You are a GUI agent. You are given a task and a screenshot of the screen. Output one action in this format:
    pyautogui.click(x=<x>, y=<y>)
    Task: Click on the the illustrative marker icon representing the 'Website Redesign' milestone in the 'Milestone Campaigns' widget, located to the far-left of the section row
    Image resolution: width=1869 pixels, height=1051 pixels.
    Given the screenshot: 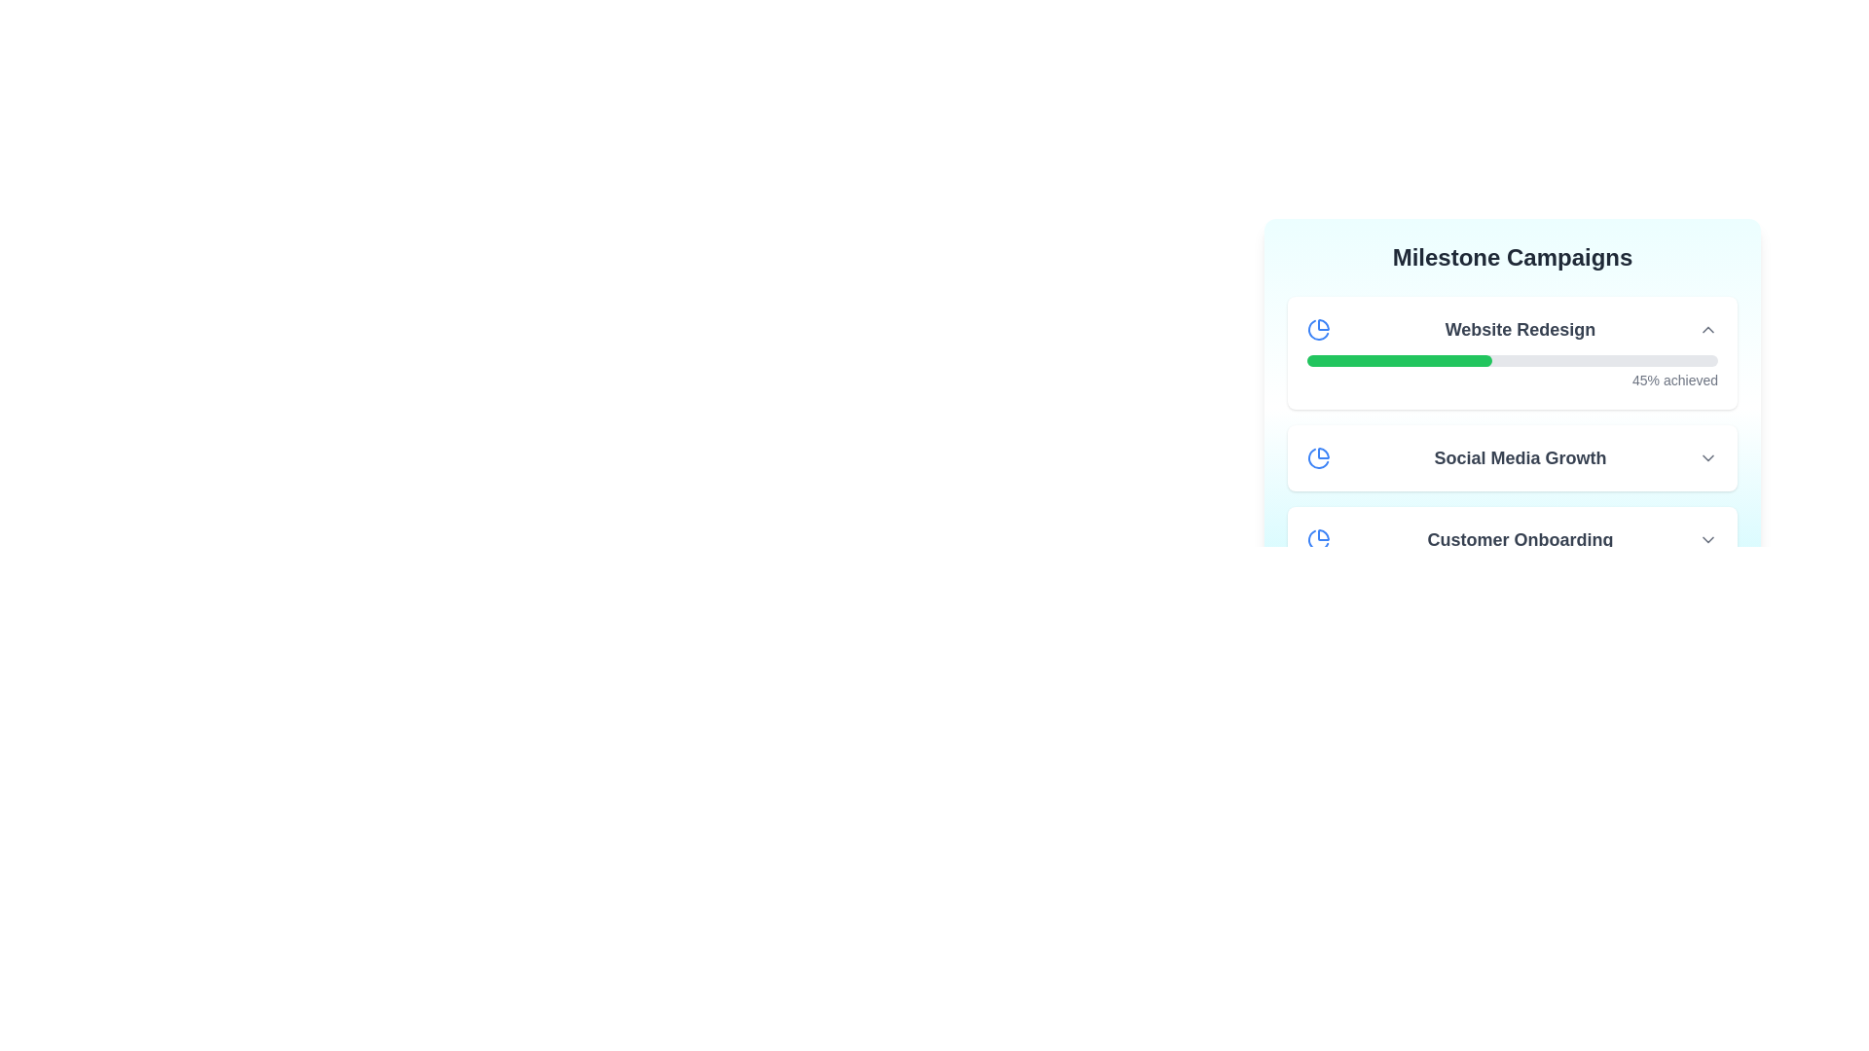 What is the action you would take?
    pyautogui.click(x=1318, y=329)
    